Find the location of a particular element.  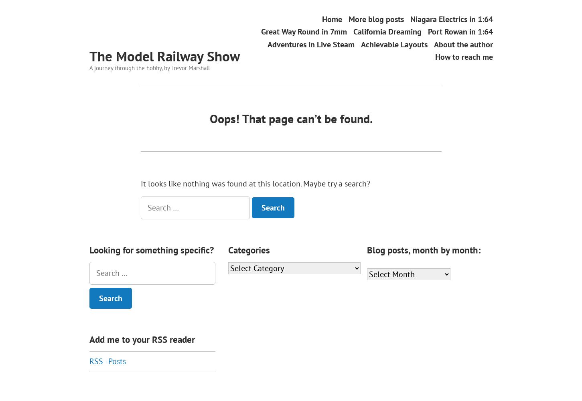

'California Dreaming' is located at coordinates (353, 31).